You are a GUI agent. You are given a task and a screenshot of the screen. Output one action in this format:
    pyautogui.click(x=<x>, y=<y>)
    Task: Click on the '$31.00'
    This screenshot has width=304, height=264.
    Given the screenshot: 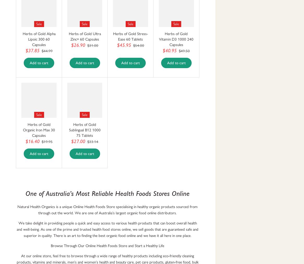 What is the action you would take?
    pyautogui.click(x=93, y=45)
    